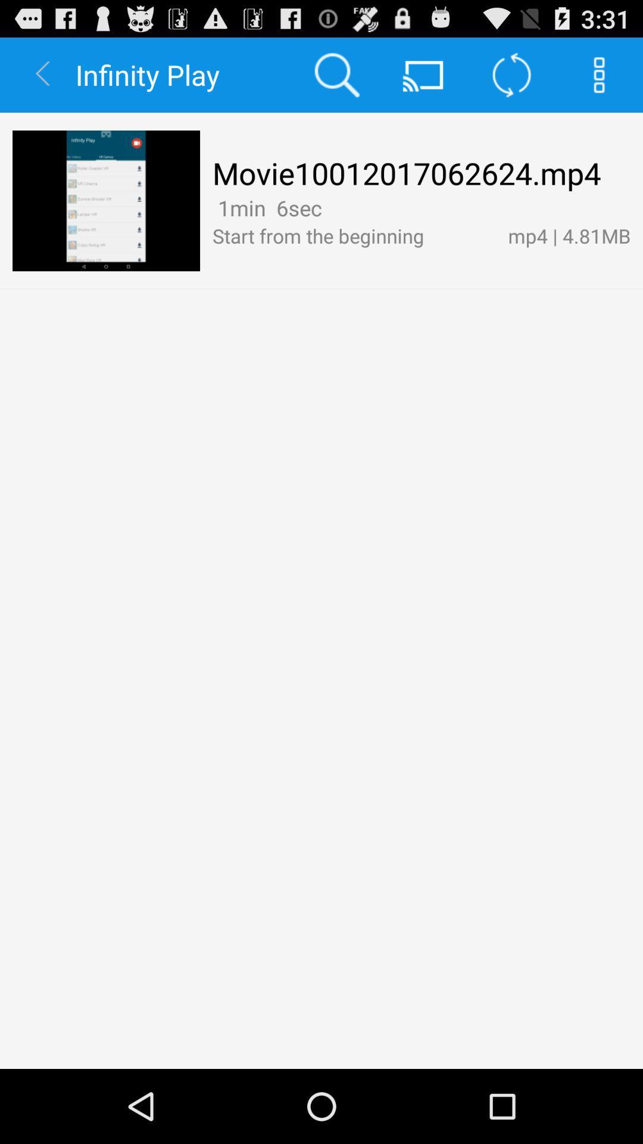 The height and width of the screenshot is (1144, 643). I want to click on the item next to the  1min  6sec, so click(330, 207).